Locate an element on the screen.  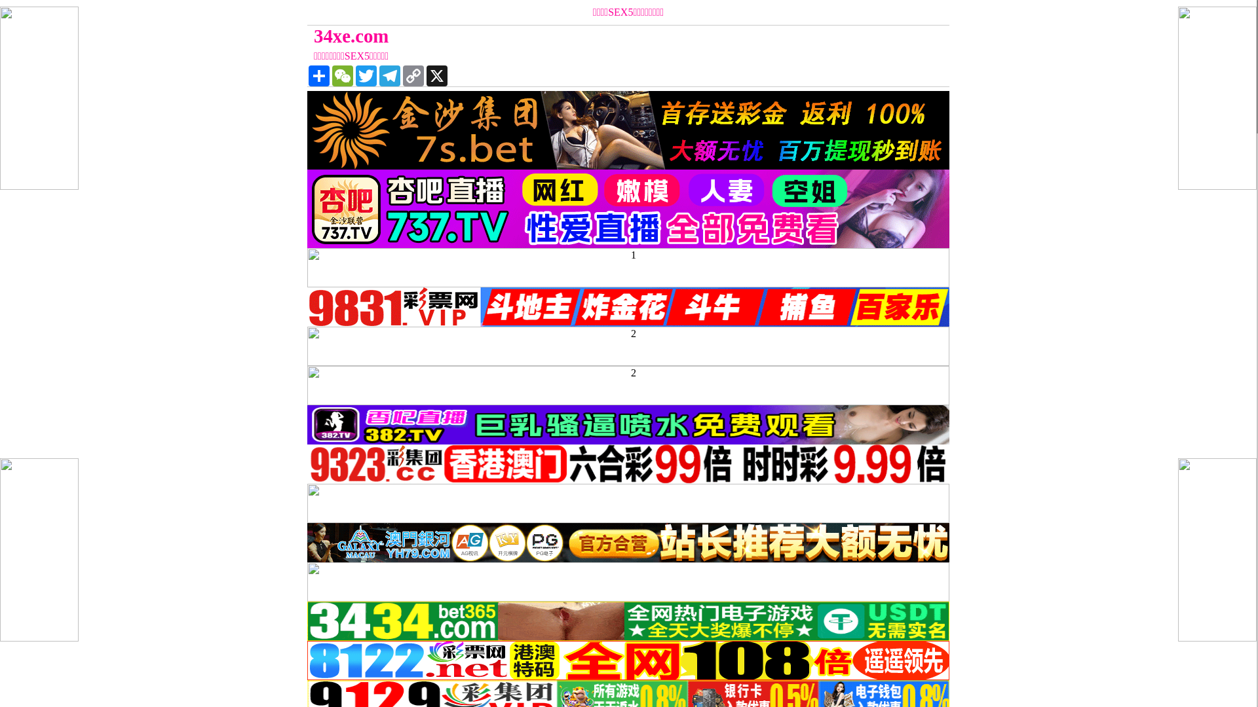
'Copy Link' is located at coordinates (412, 75).